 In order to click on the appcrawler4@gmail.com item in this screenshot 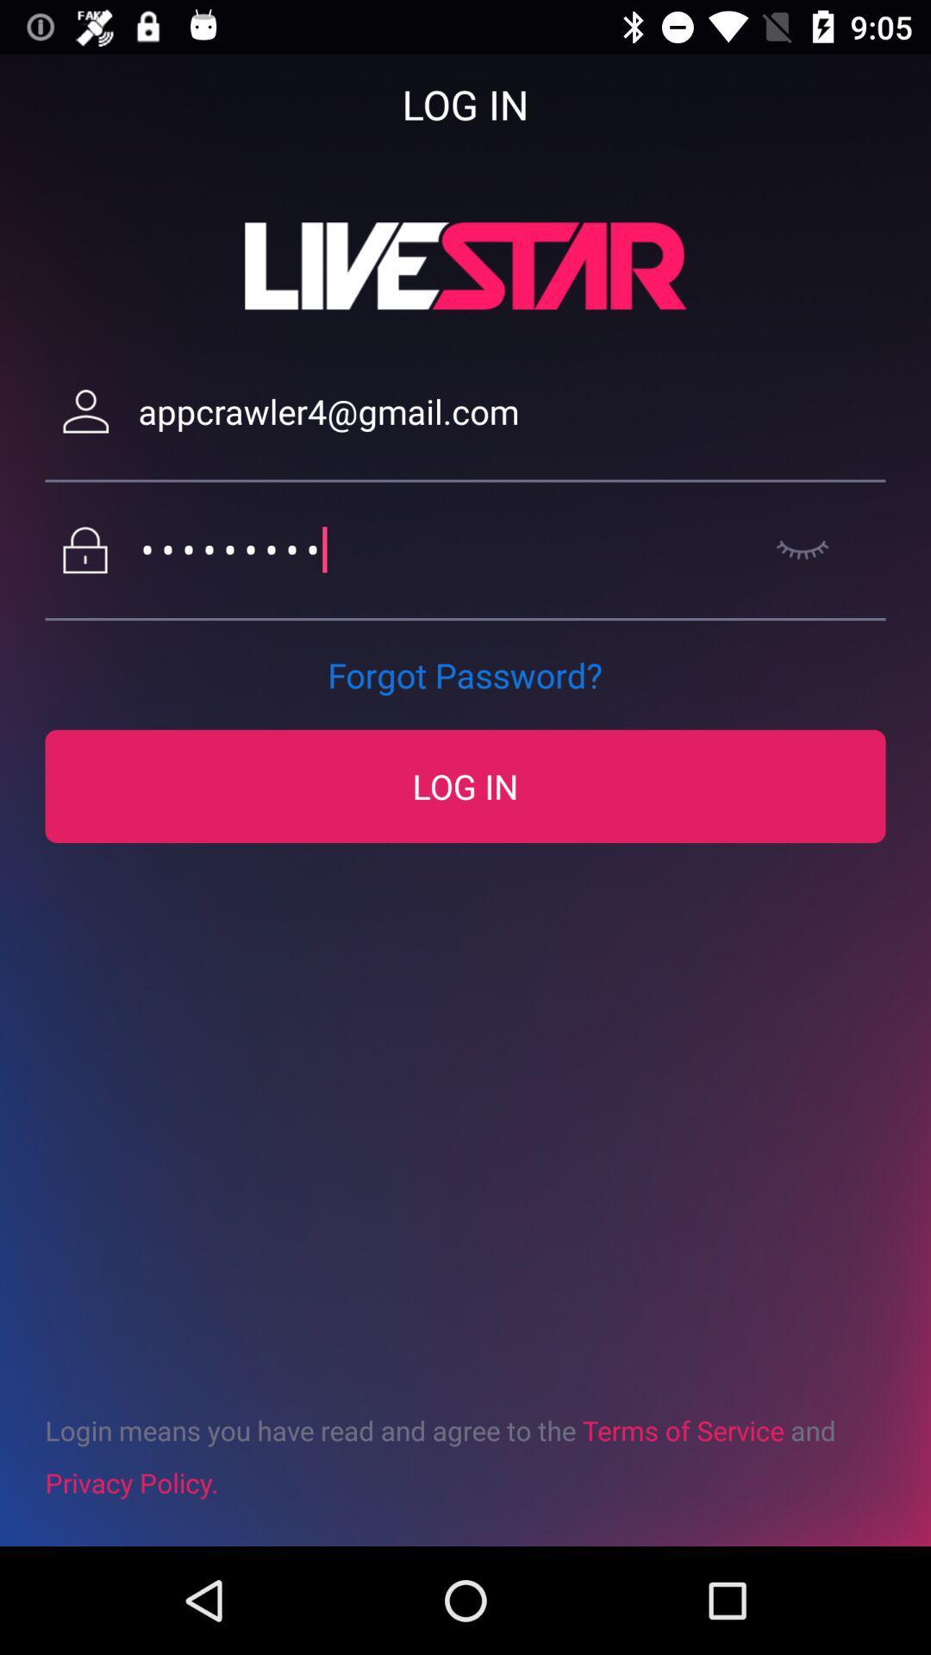, I will do `click(511, 410)`.